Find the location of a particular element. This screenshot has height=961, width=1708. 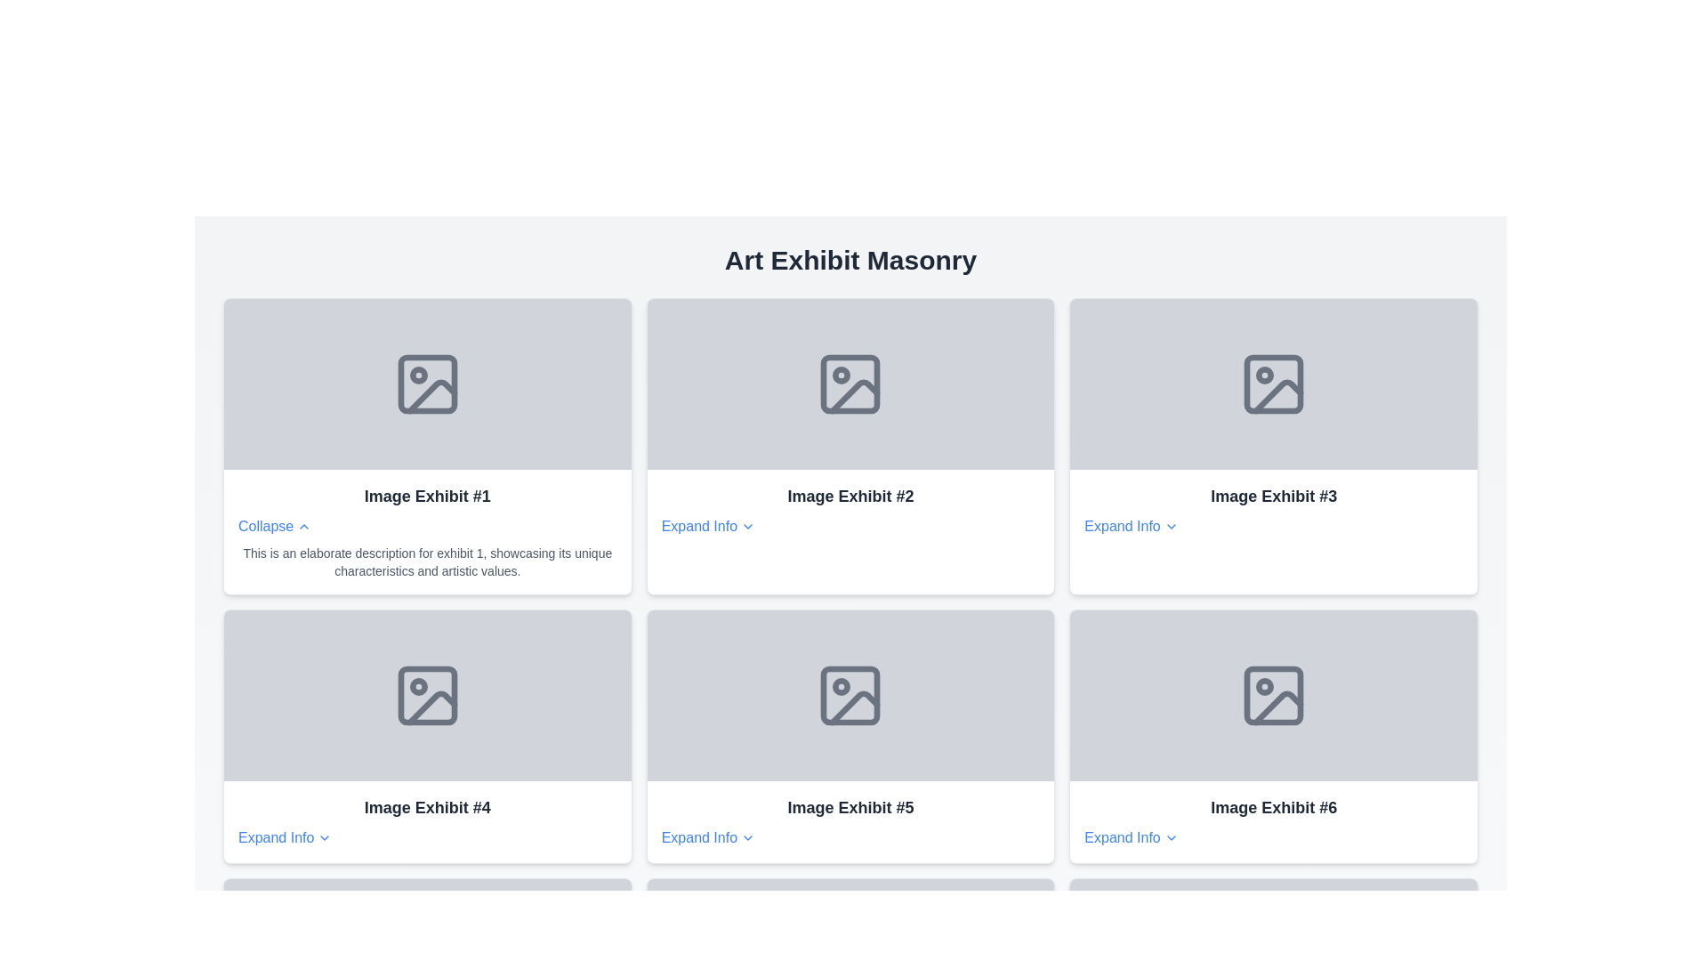

the title text 'Image Exhibit #6' is located at coordinates (1273, 822).